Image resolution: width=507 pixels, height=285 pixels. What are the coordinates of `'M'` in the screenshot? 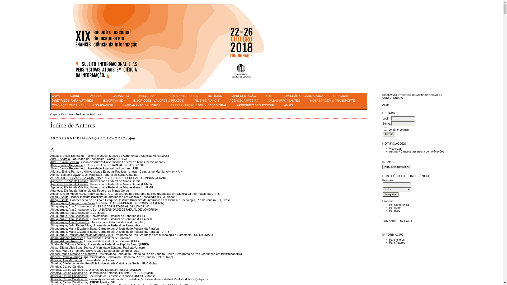 It's located at (83, 138).